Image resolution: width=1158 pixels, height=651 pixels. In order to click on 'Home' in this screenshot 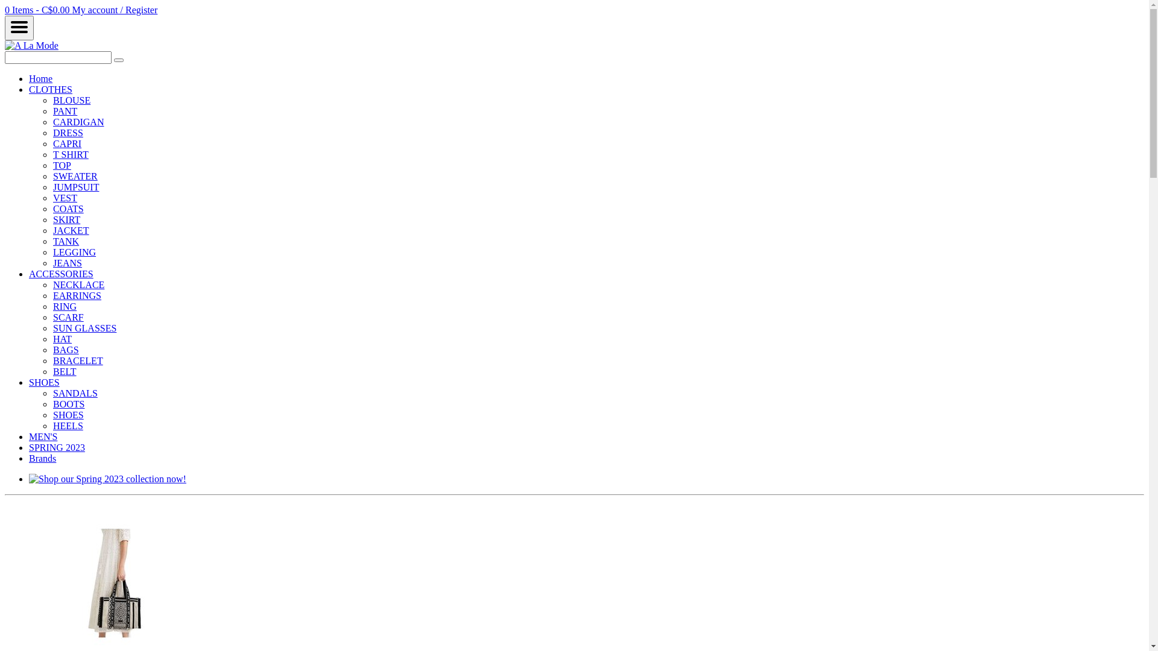, I will do `click(40, 78)`.